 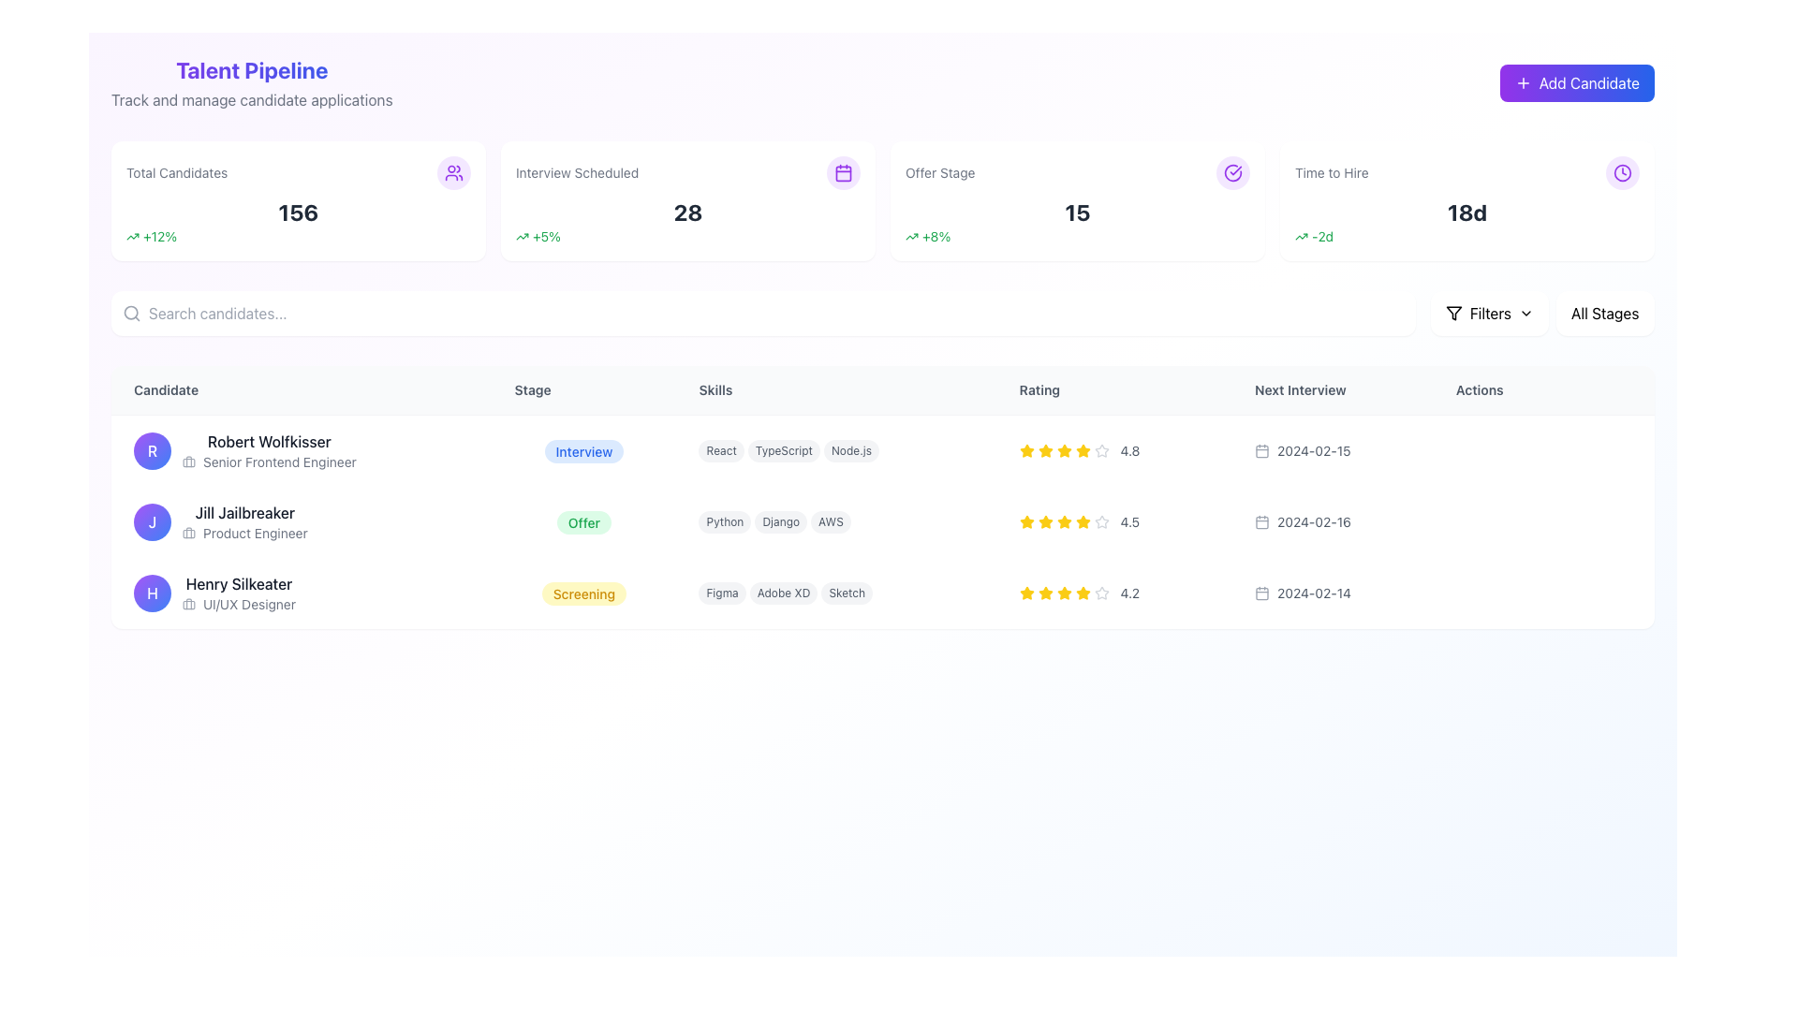 I want to click on the unfilled light gray star icon, which is the sixth star in the rating row next to the numeric rating value '4.8', so click(x=1101, y=451).